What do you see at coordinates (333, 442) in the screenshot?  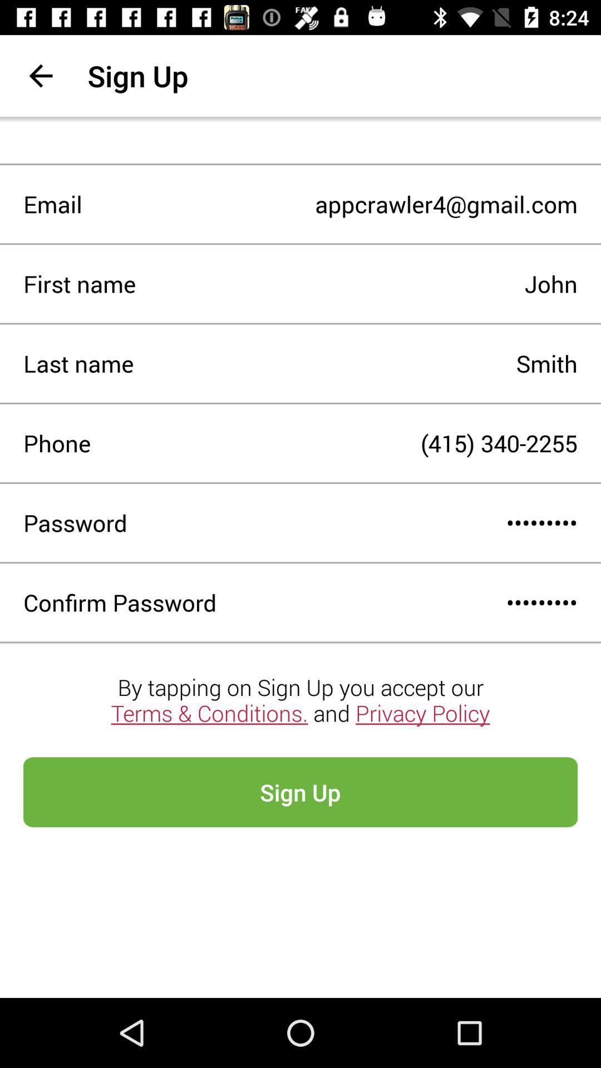 I see `icon to the right of phone` at bounding box center [333, 442].